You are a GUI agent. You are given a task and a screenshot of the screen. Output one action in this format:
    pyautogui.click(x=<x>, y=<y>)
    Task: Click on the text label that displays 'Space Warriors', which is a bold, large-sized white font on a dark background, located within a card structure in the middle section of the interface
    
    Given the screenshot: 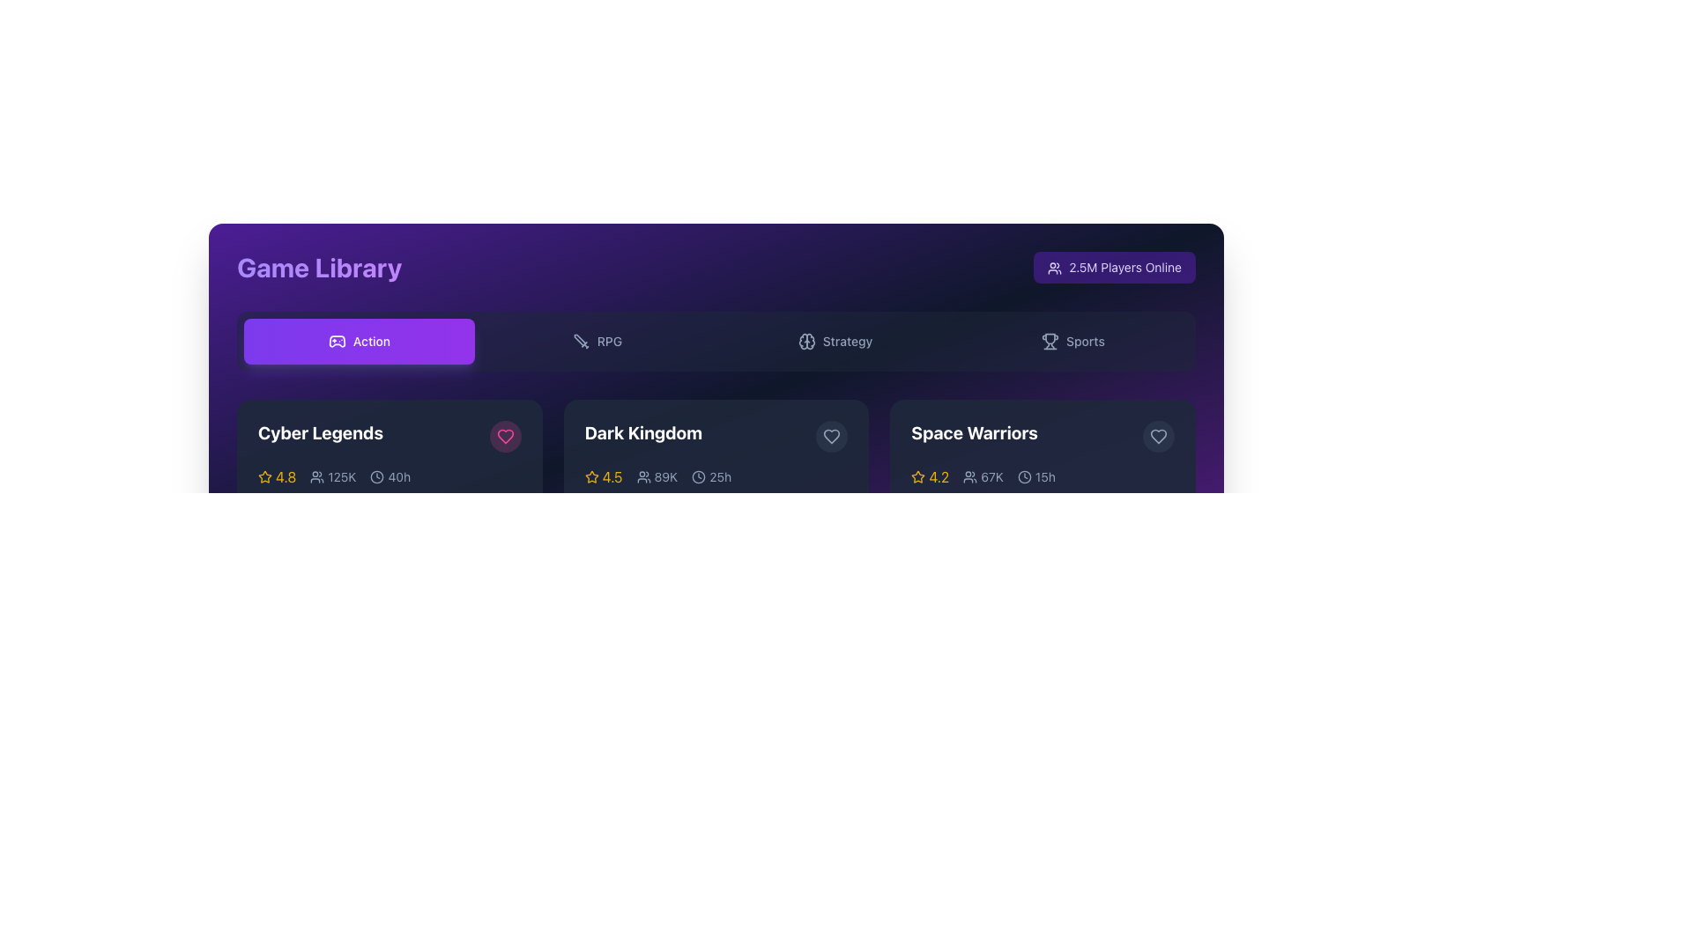 What is the action you would take?
    pyautogui.click(x=974, y=433)
    